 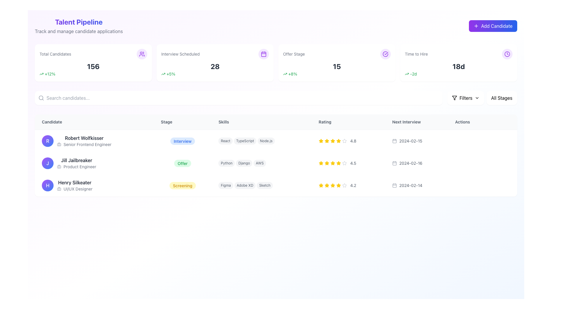 What do you see at coordinates (416, 54) in the screenshot?
I see `the 'Time to Hire' text label displayed in gray color within the dashboard interface, located in the top-right section of a hiring metrics card` at bounding box center [416, 54].